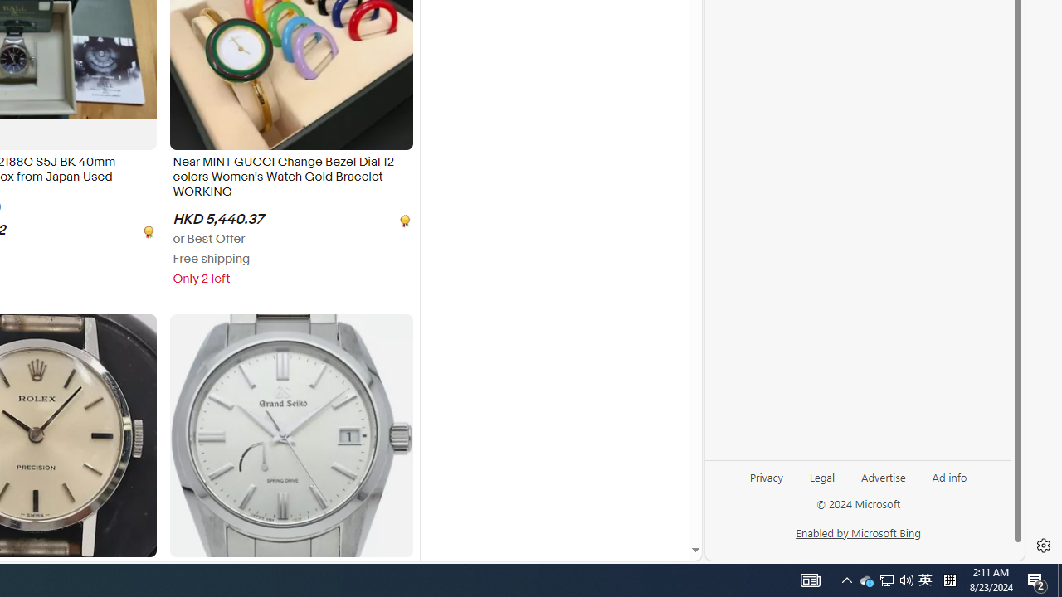 This screenshot has height=597, width=1062. What do you see at coordinates (765, 476) in the screenshot?
I see `'Privacy'` at bounding box center [765, 476].